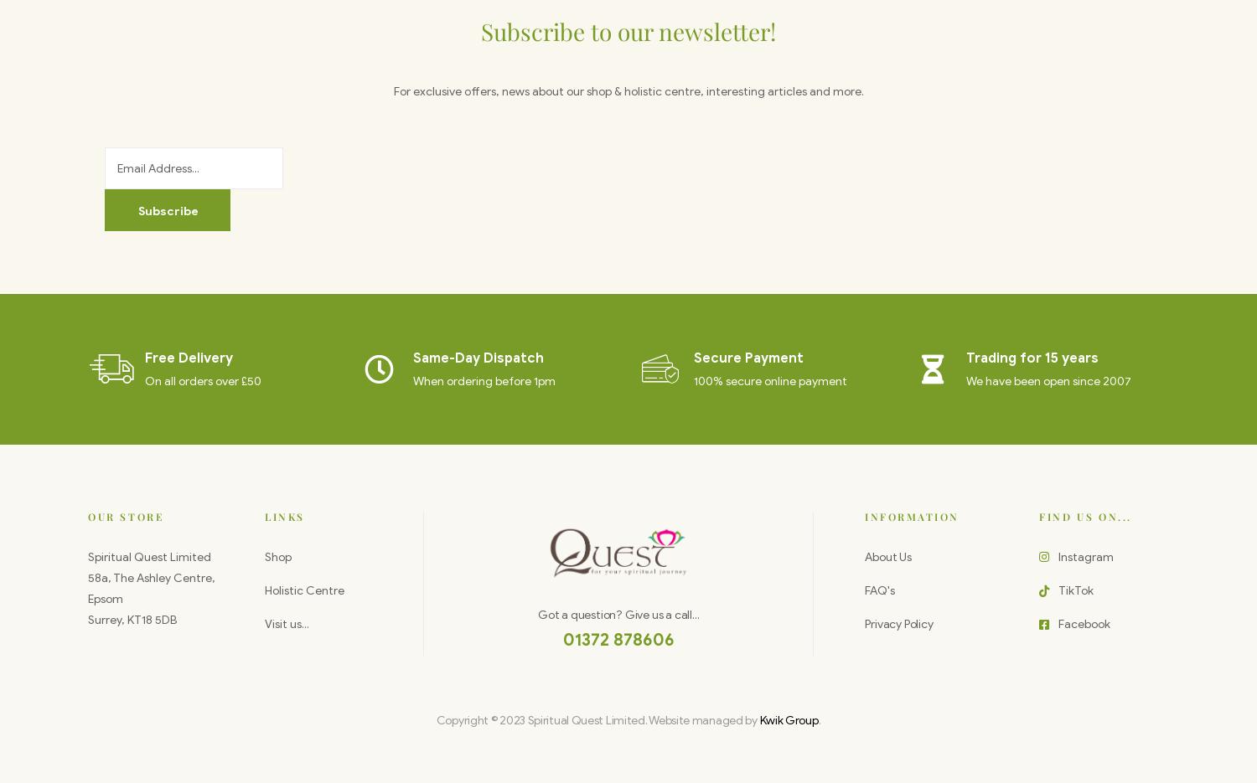  What do you see at coordinates (286, 624) in the screenshot?
I see `'Visit us...'` at bounding box center [286, 624].